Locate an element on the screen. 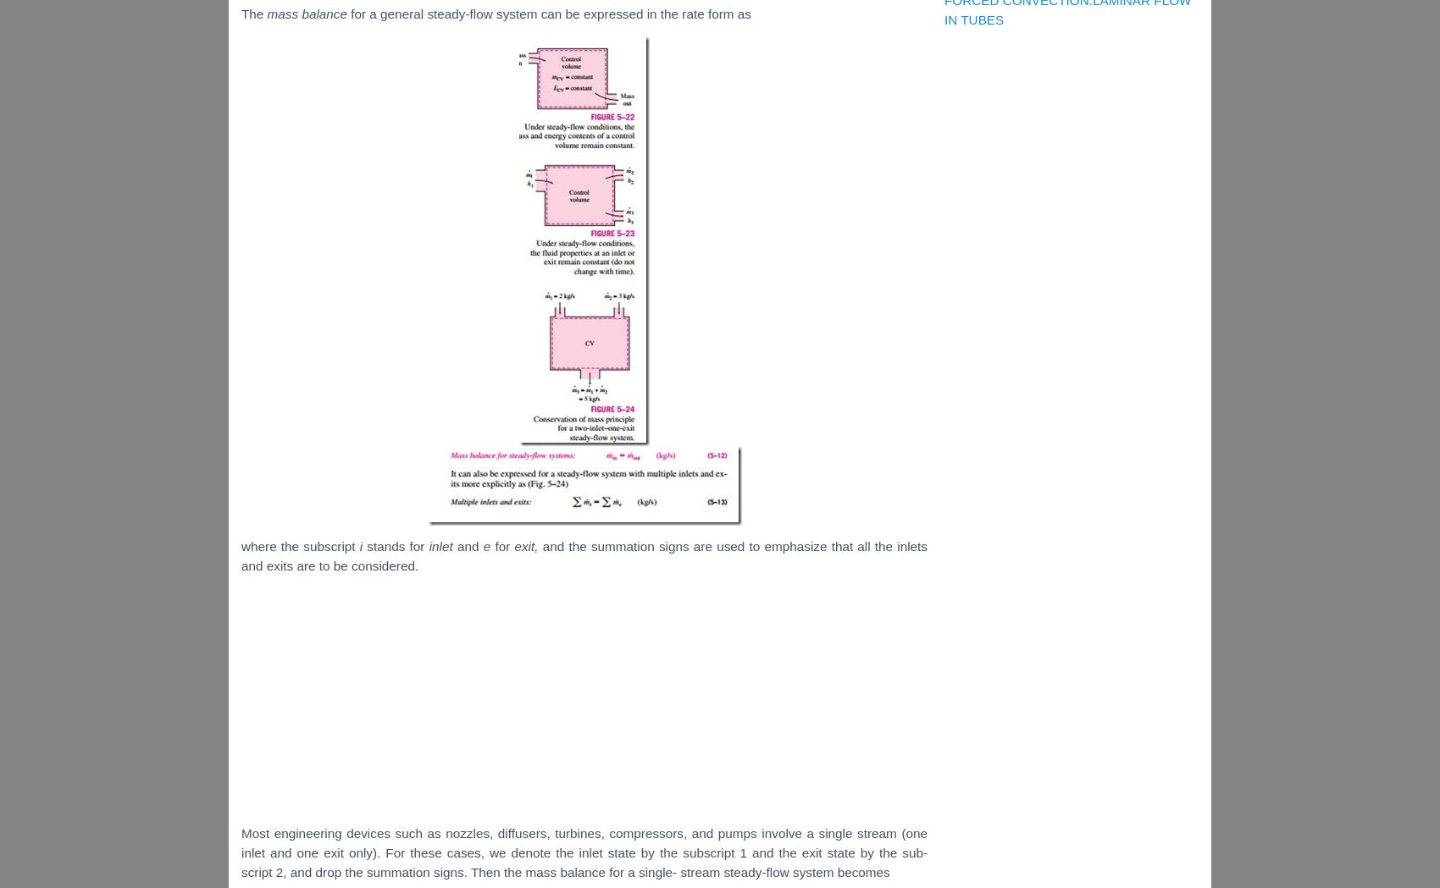 The image size is (1440, 888). 'for a general steady-flow system can be expressed in the rate form as' is located at coordinates (551, 13).